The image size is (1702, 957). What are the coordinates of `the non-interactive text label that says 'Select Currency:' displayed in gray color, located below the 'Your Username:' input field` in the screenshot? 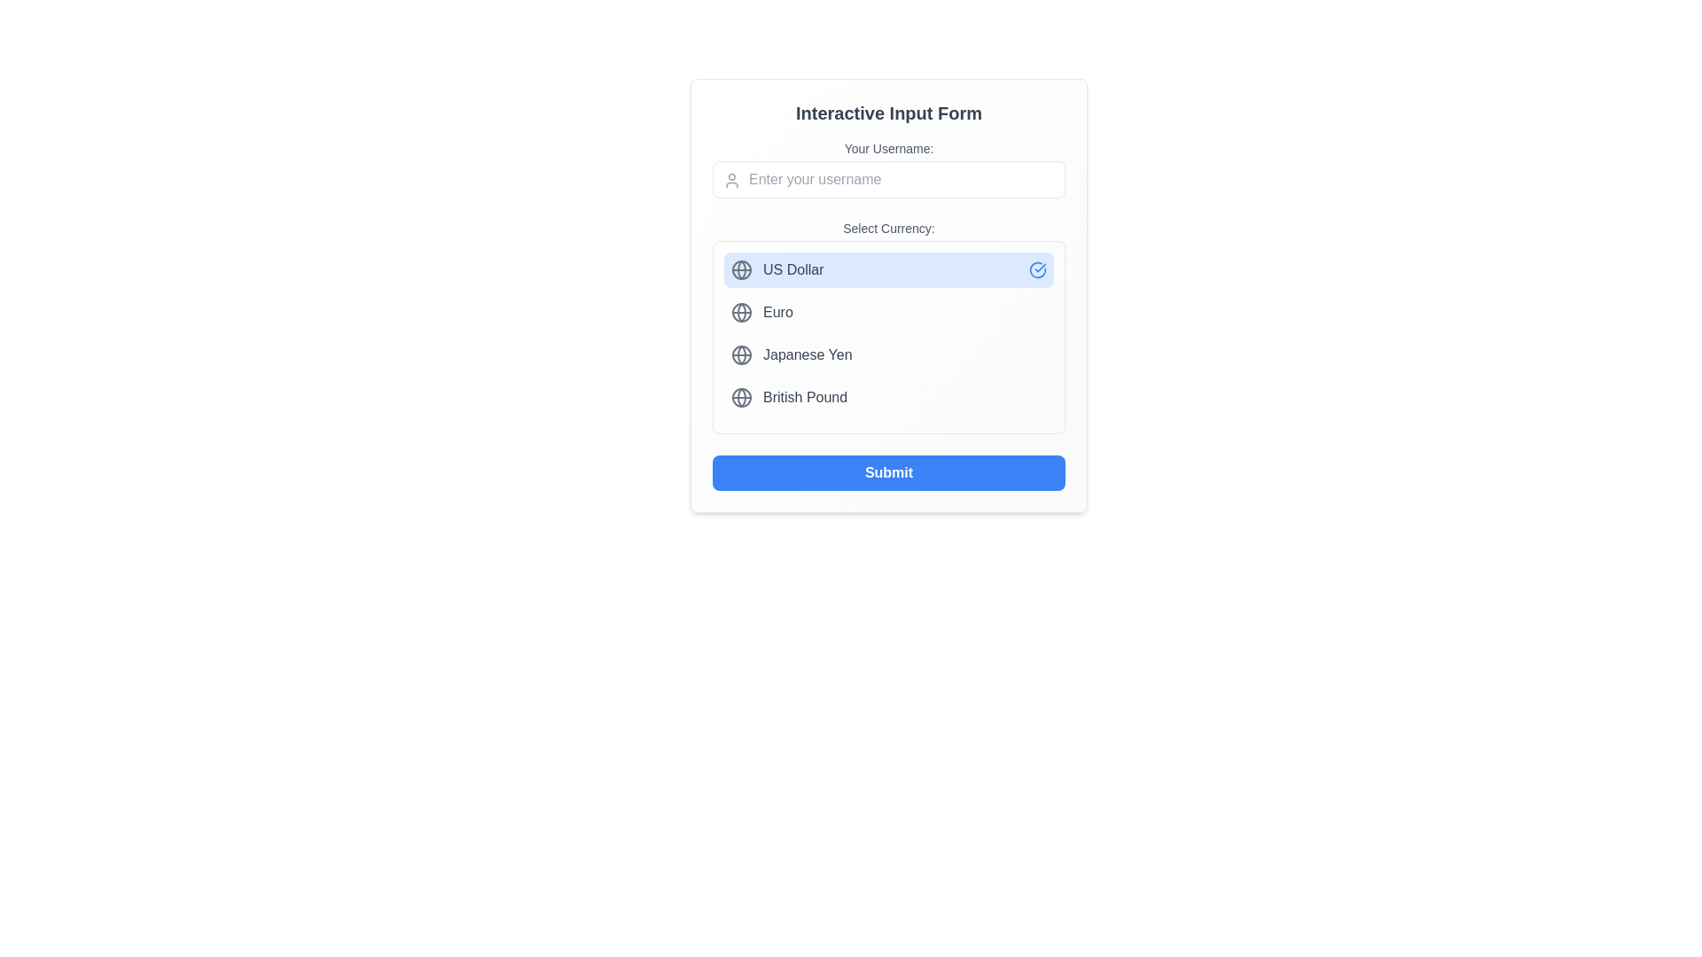 It's located at (889, 228).